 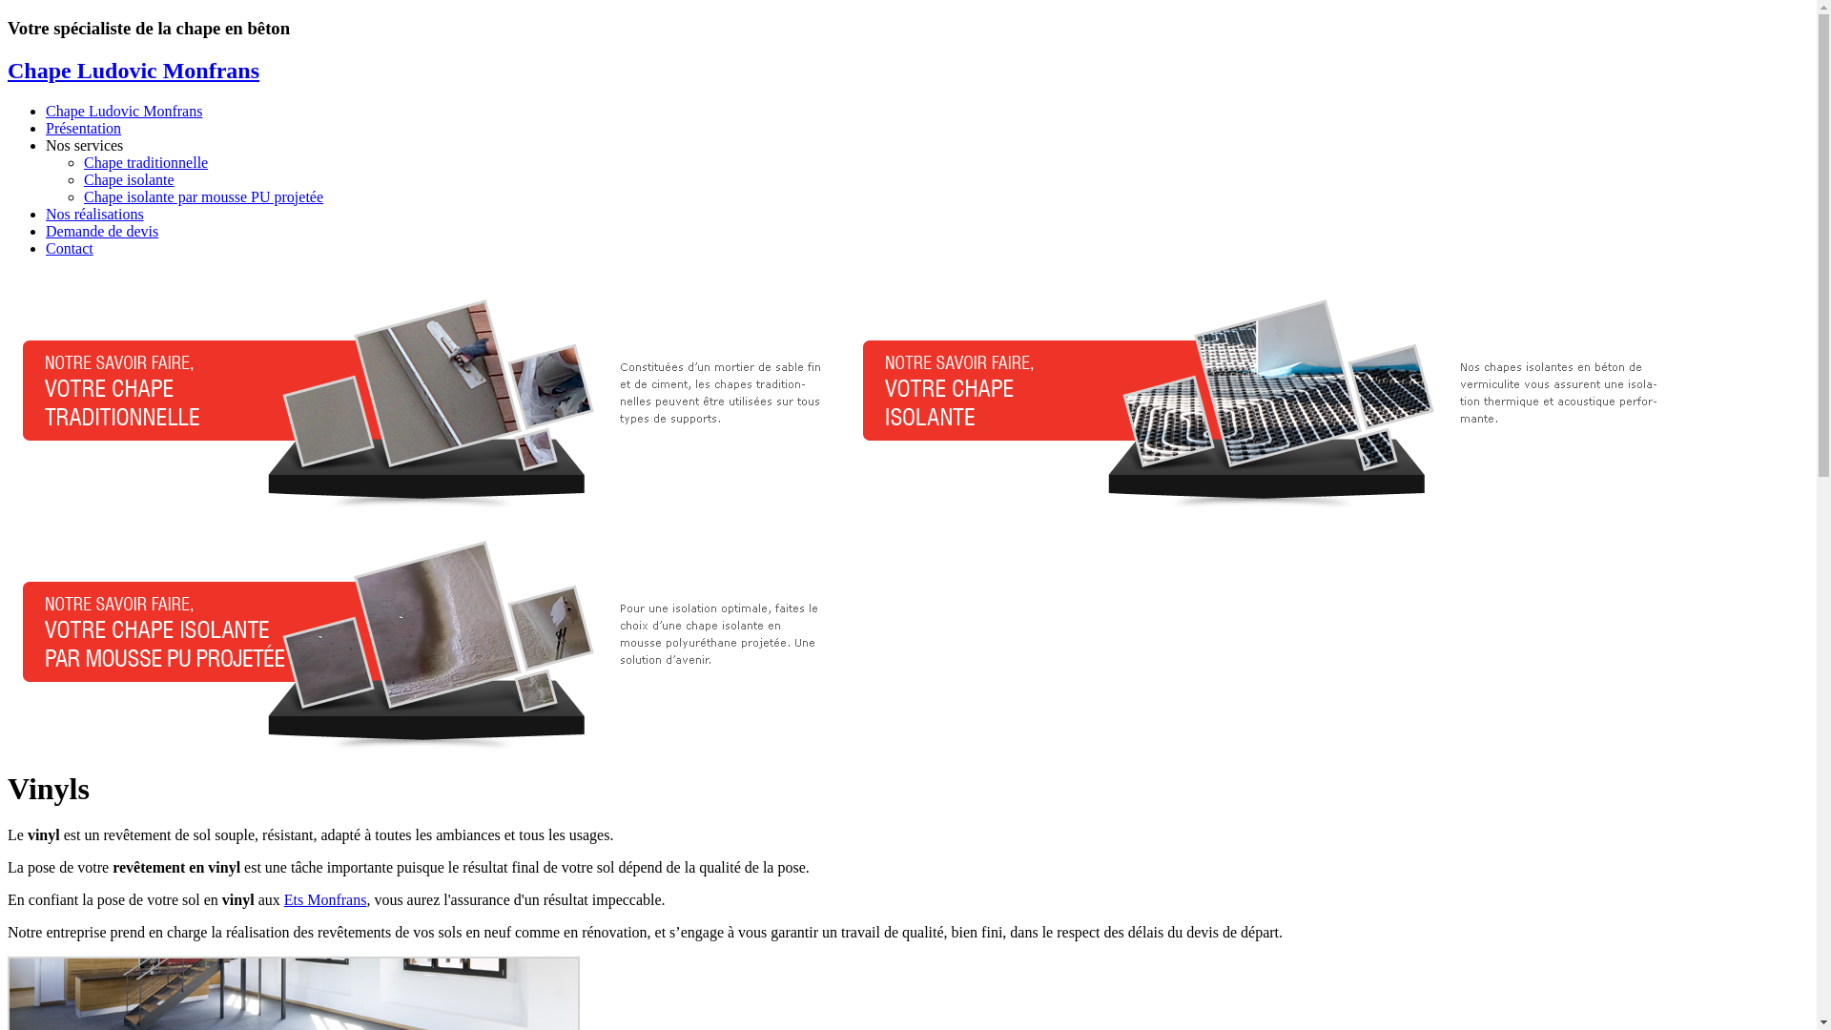 I want to click on 'Chape isolante', so click(x=128, y=179).